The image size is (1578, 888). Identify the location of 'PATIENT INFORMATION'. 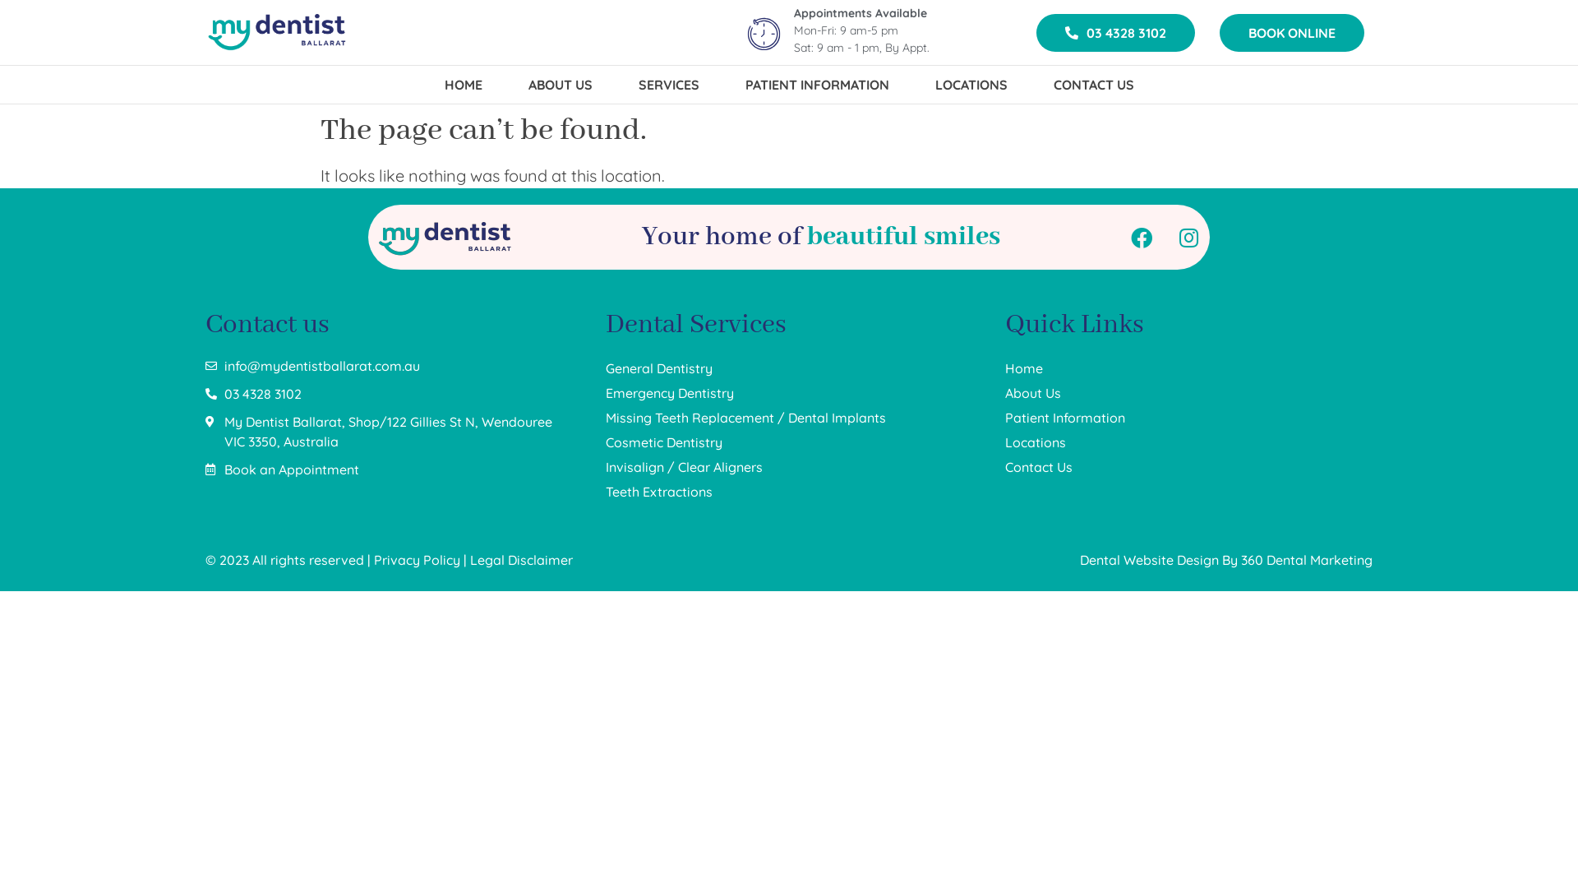
(816, 85).